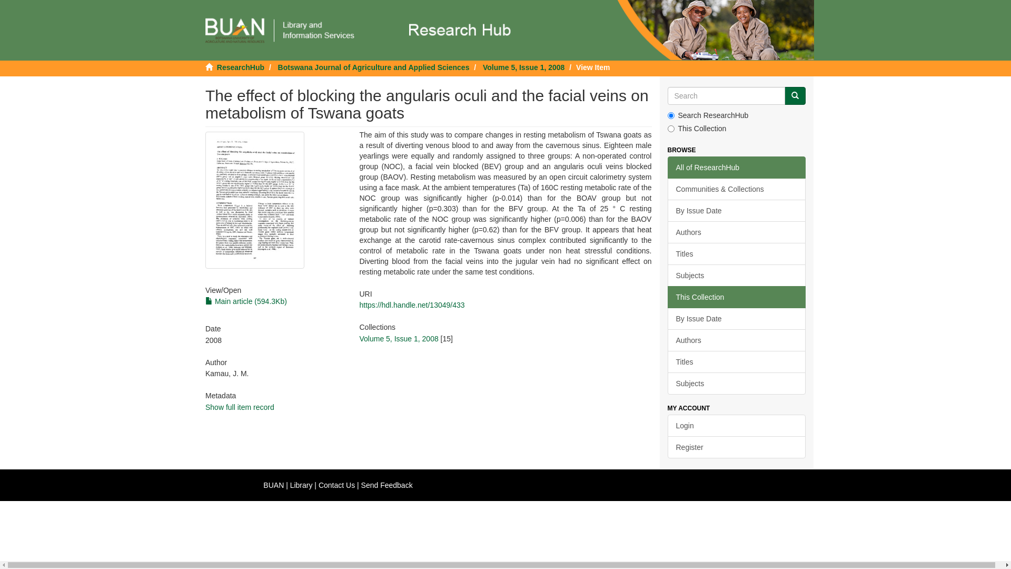  I want to click on 'Send Feedback', so click(386, 485).